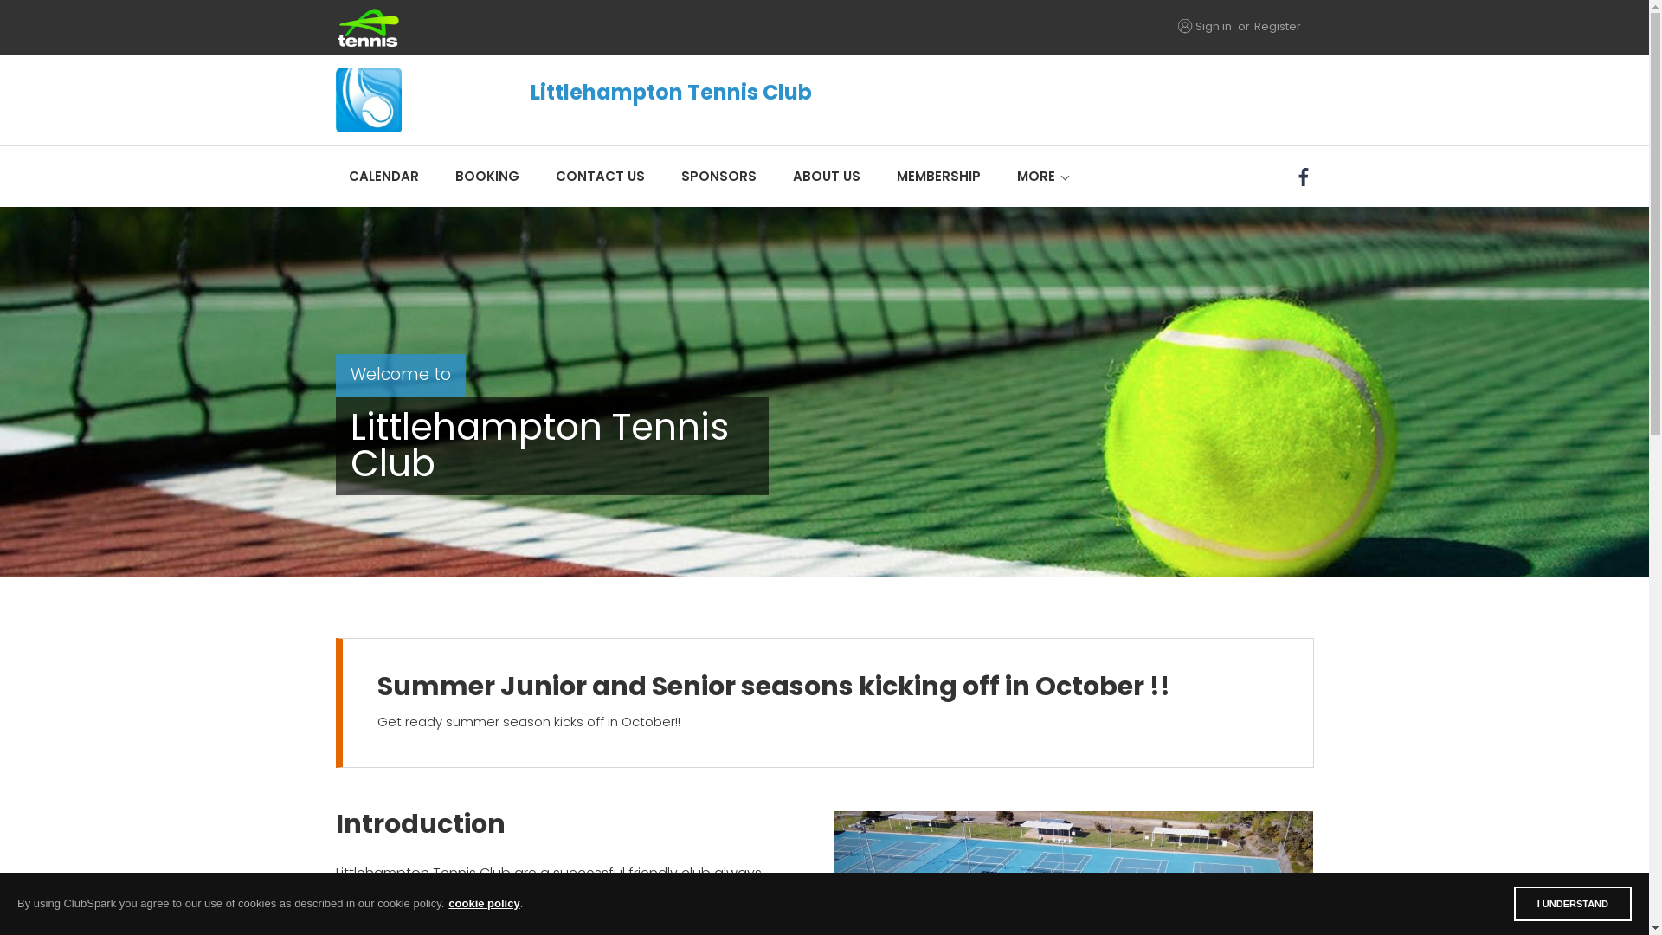 This screenshot has height=935, width=1662. What do you see at coordinates (540, 177) in the screenshot?
I see `'CONTACT US'` at bounding box center [540, 177].